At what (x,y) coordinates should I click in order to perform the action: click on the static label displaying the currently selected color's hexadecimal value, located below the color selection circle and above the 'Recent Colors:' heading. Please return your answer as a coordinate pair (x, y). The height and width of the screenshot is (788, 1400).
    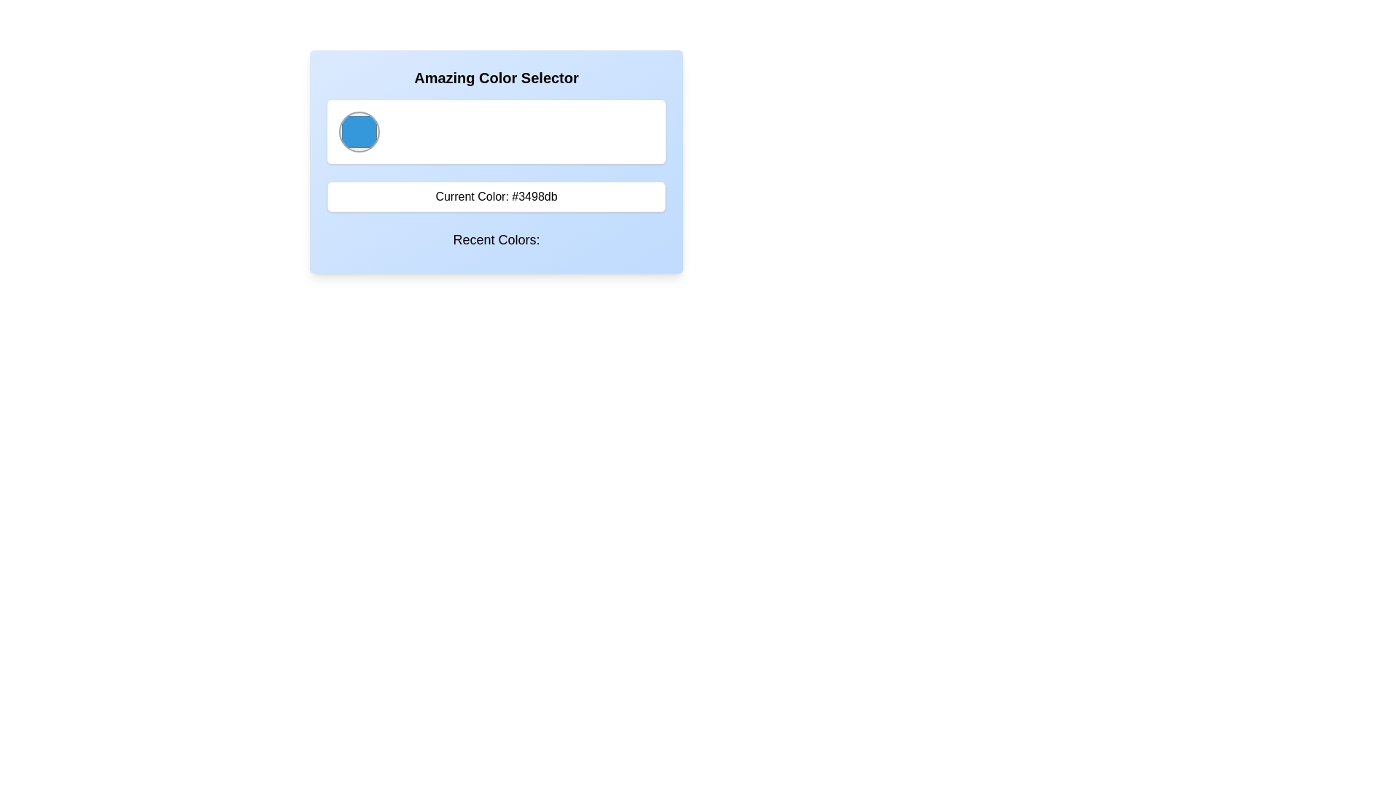
    Looking at the image, I should click on (497, 197).